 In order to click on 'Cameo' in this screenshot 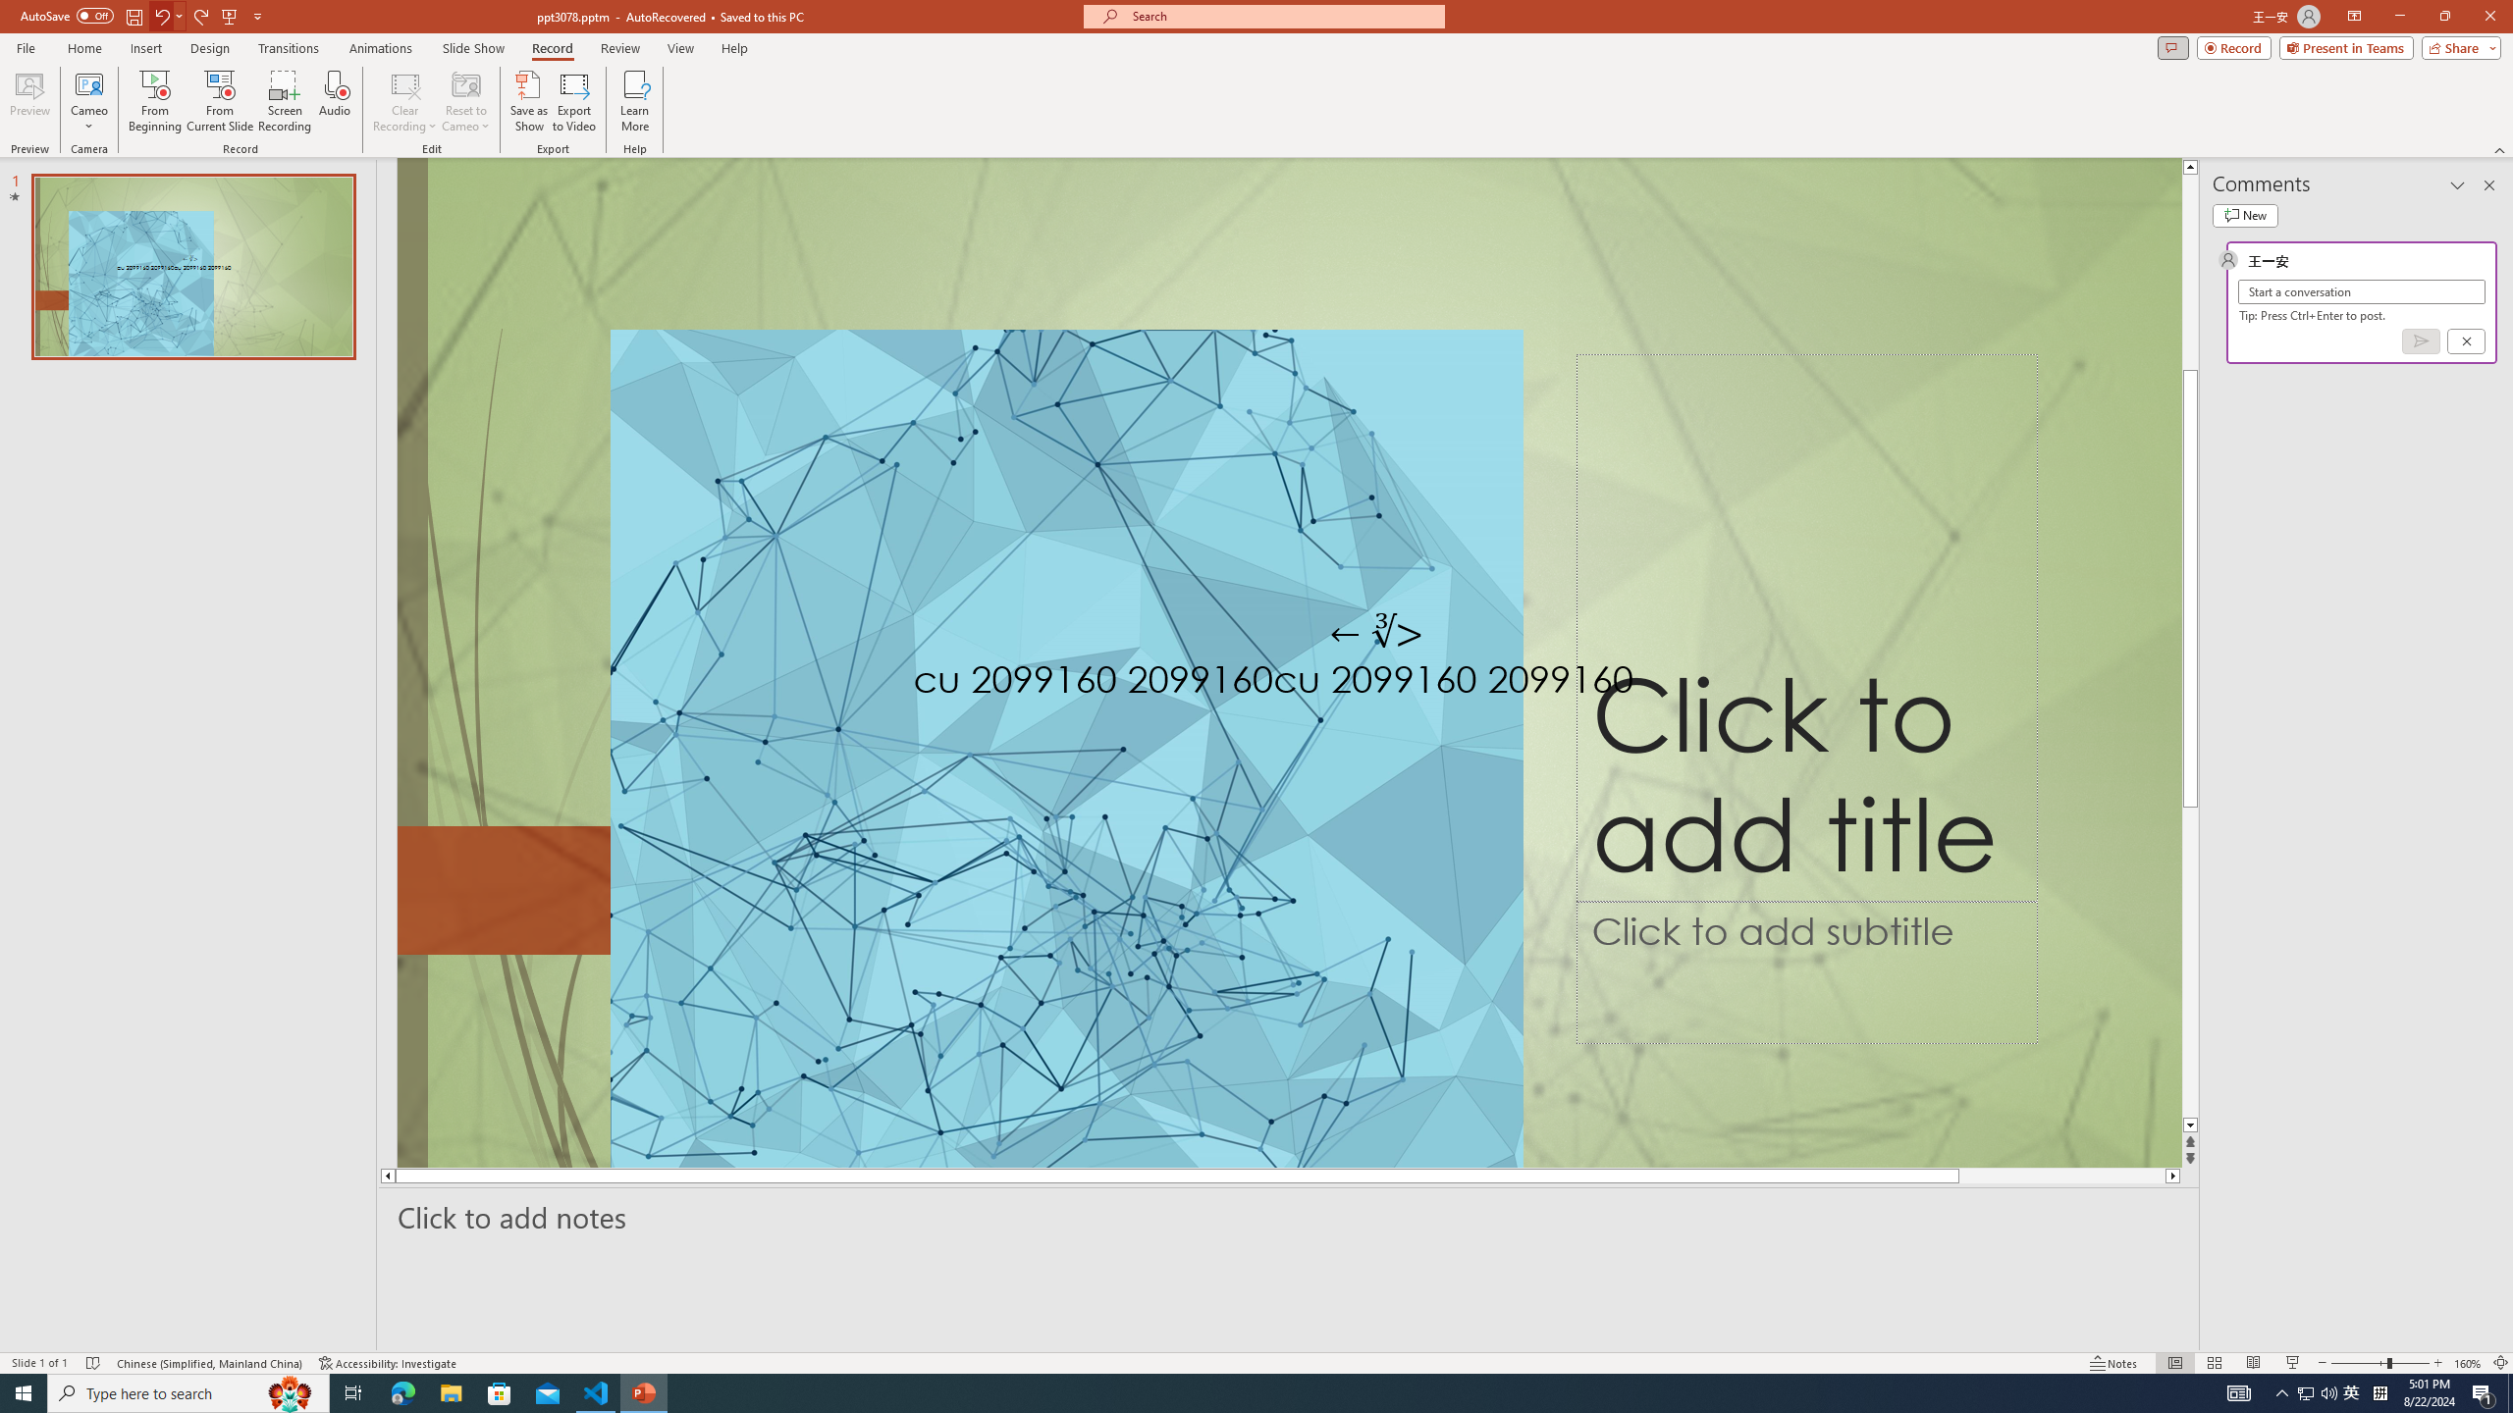, I will do `click(87, 82)`.